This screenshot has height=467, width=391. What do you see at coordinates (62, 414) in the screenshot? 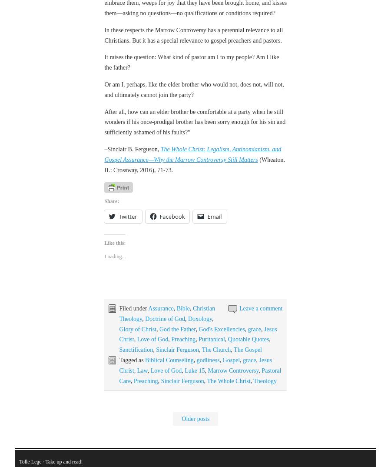
I see `'· Take up and read!'` at bounding box center [62, 414].